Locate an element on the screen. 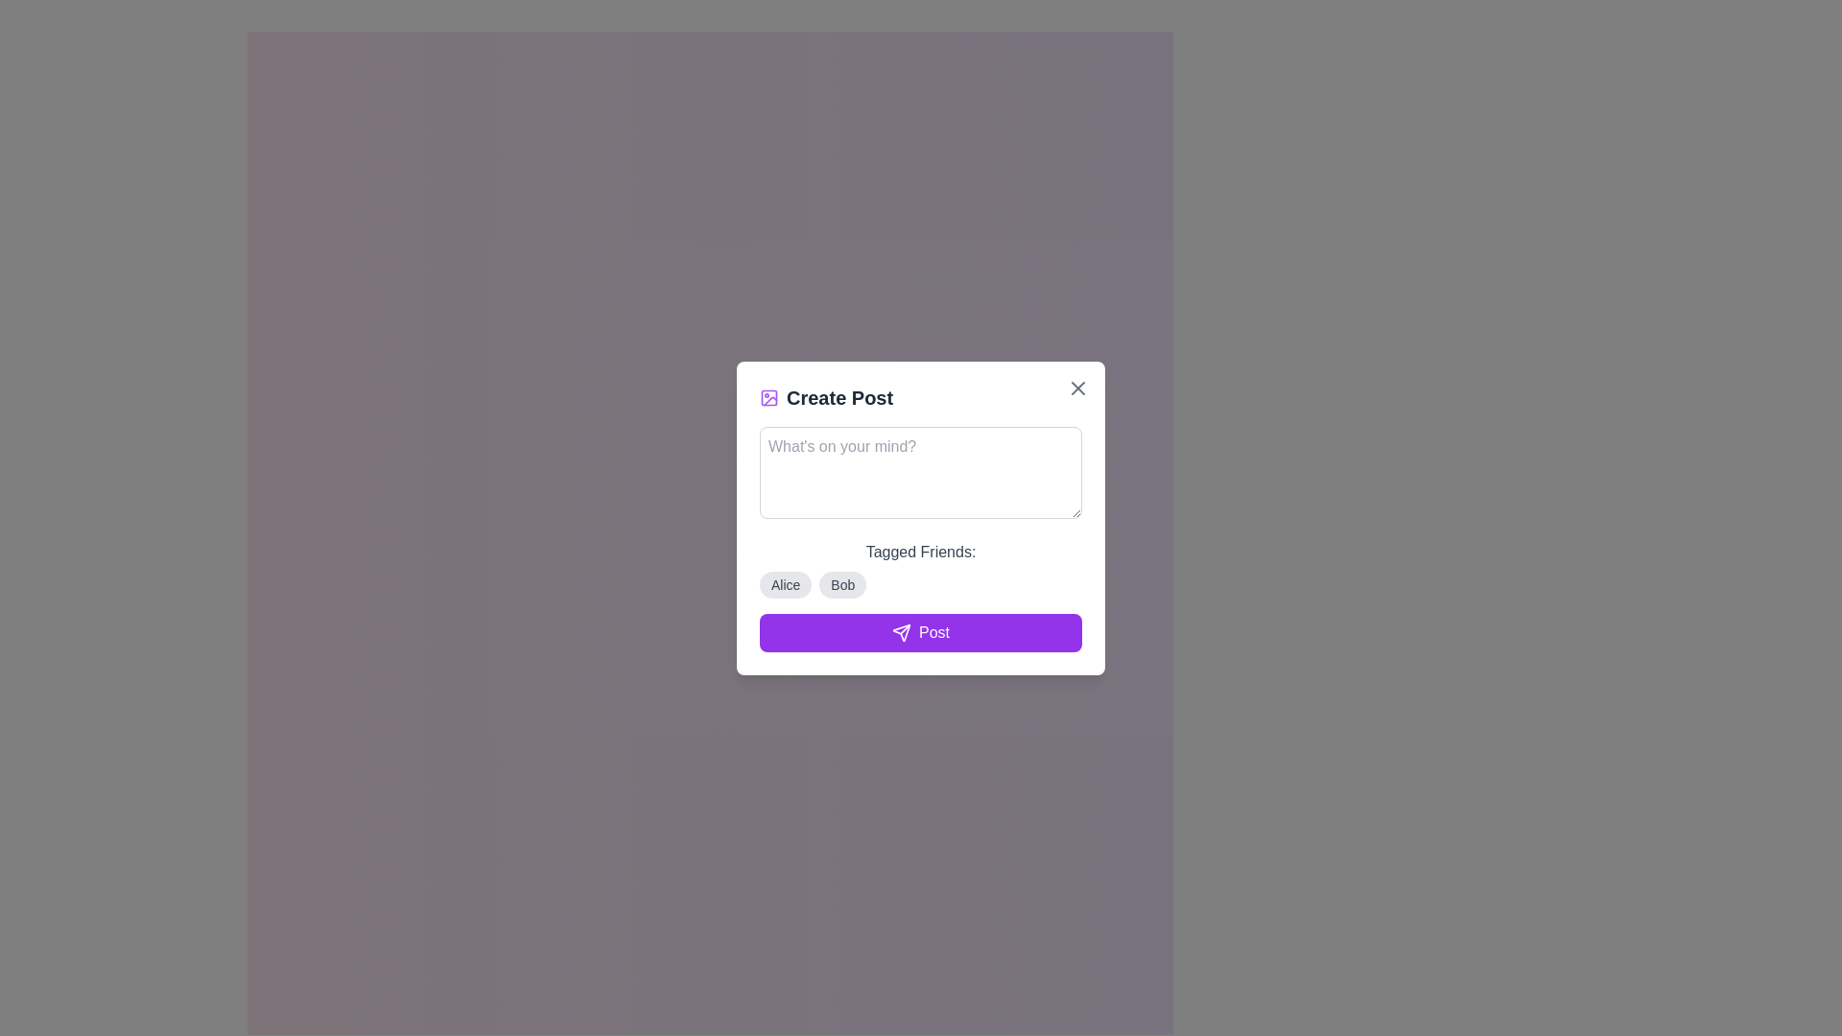 The width and height of the screenshot is (1842, 1036). the non-interactive button-like label component displaying the text 'Alice' with a light gray background, located beneath 'Tagged Friends:' in the modal dialog box is located at coordinates (786, 583).